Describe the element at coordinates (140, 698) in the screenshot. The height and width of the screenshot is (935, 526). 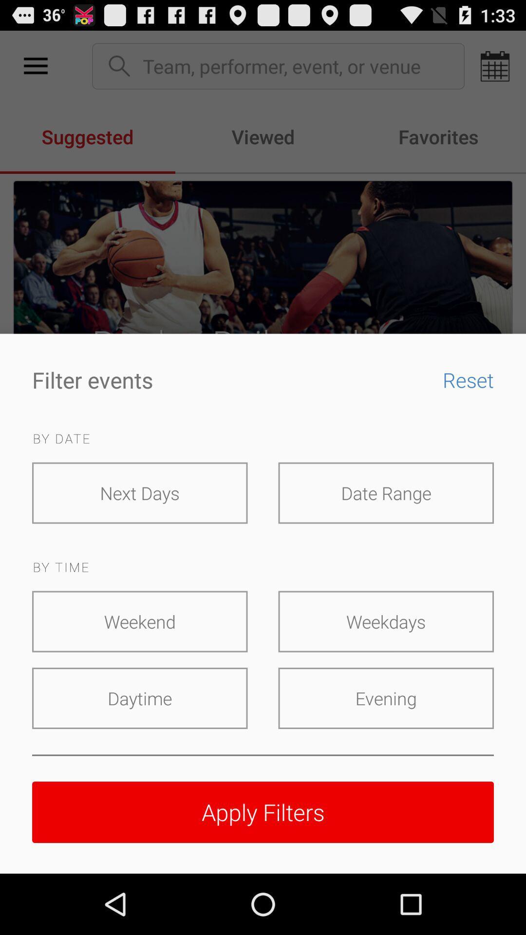
I see `the item next to evening` at that location.